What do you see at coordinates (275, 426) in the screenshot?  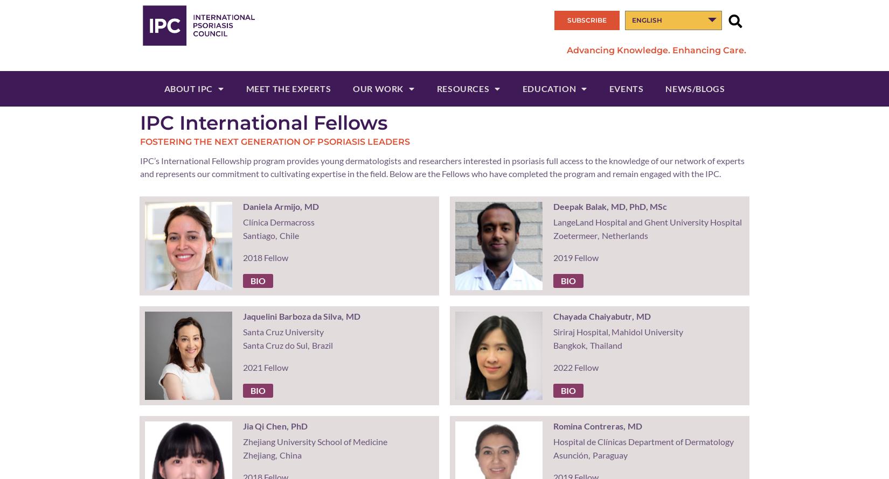 I see `'Chen'` at bounding box center [275, 426].